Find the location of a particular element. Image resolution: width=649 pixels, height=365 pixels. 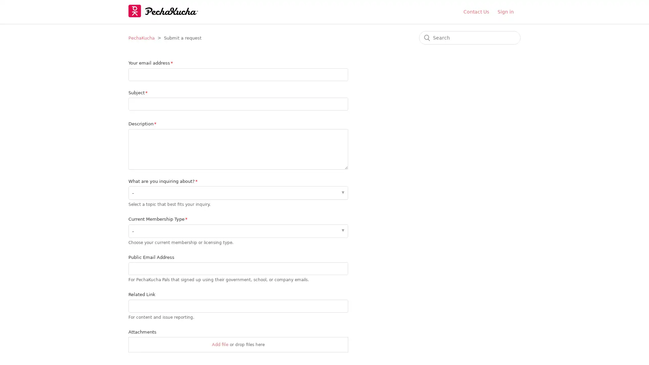

Attachments is located at coordinates (238, 344).